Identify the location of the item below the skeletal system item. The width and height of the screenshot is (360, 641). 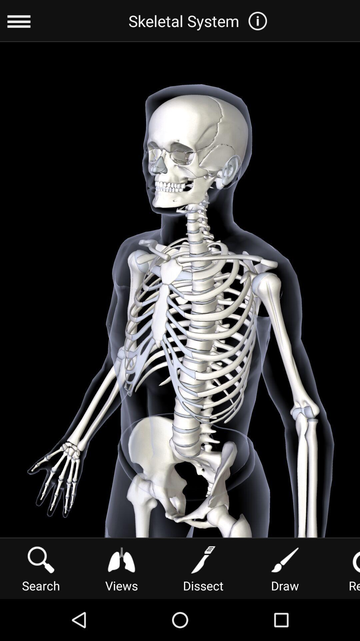
(285, 568).